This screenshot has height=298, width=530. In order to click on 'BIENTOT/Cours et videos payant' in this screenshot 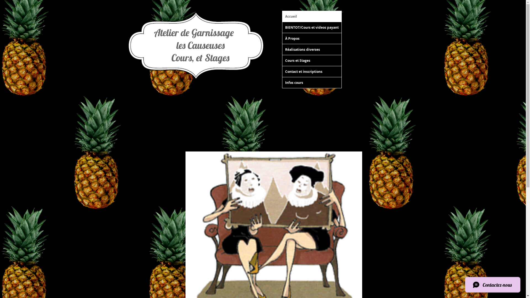, I will do `click(282, 27)`.